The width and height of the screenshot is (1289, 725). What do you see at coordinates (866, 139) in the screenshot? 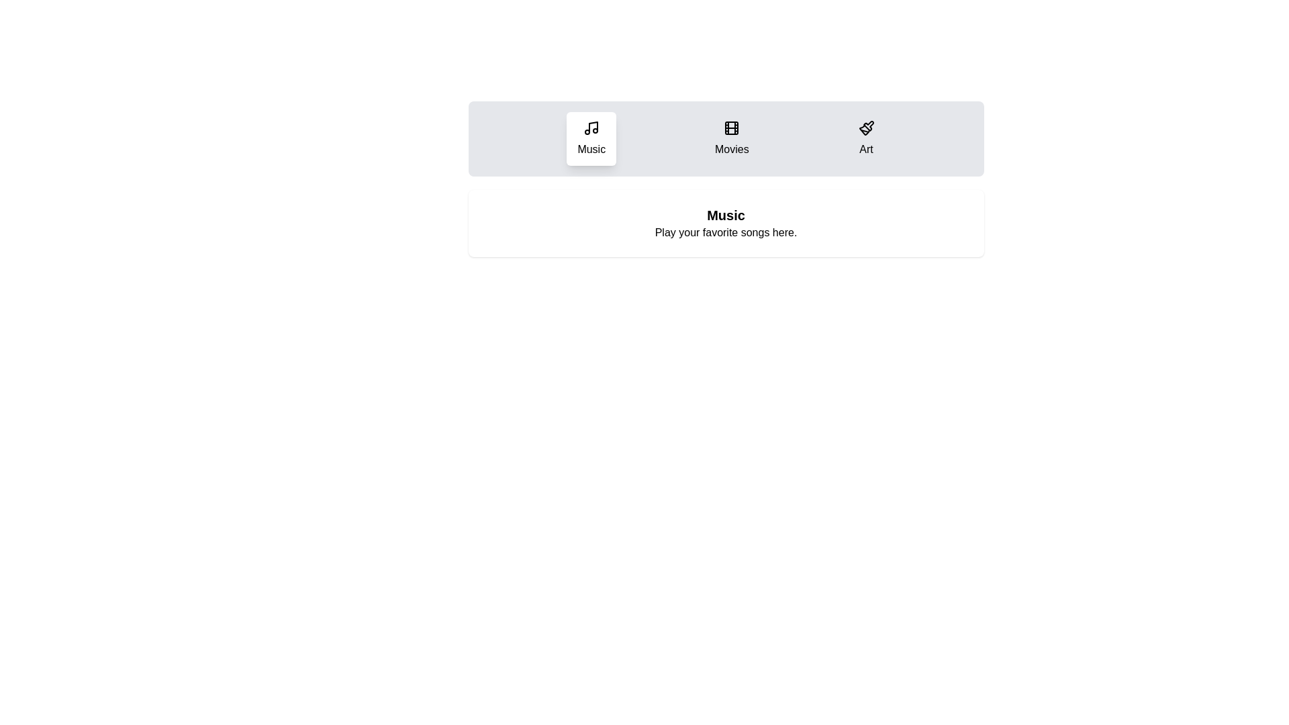
I see `the Art tab to display its content` at bounding box center [866, 139].